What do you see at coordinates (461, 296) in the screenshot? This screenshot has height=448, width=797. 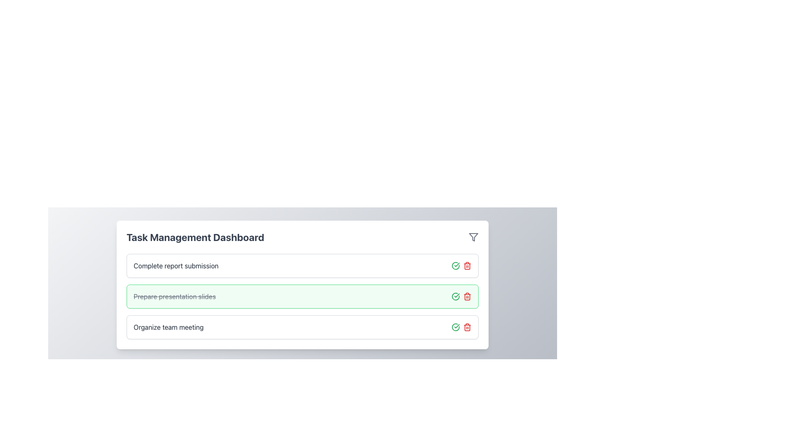 I see `the red trash can icon located at the right end of the 'Prepare presentation slides' task row` at bounding box center [461, 296].